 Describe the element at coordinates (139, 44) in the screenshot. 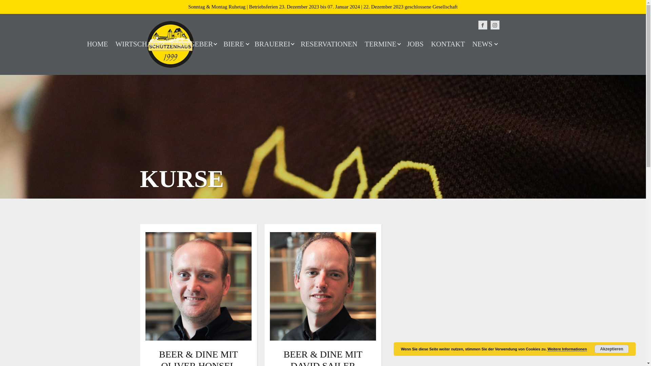

I see `'WIRTSCHAFT'` at that location.